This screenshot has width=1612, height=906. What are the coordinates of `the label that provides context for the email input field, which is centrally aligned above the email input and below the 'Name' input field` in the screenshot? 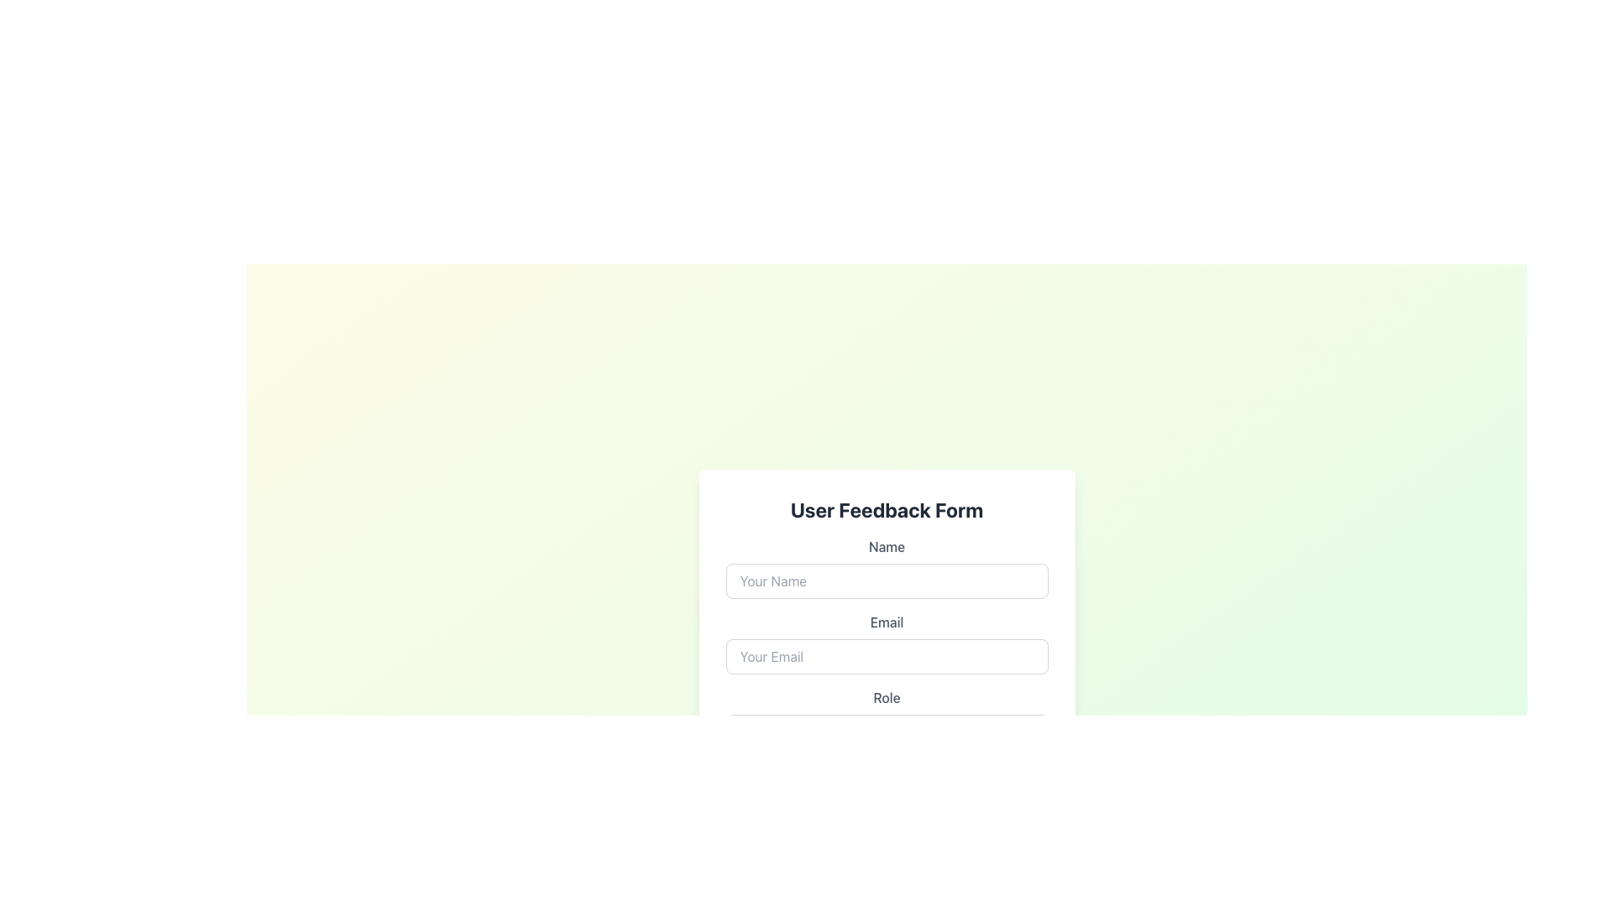 It's located at (886, 622).